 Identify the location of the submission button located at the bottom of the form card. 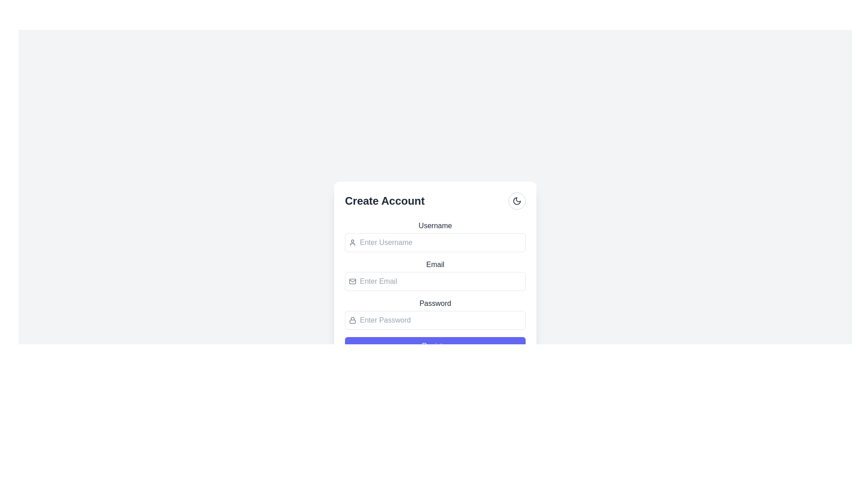
(435, 346).